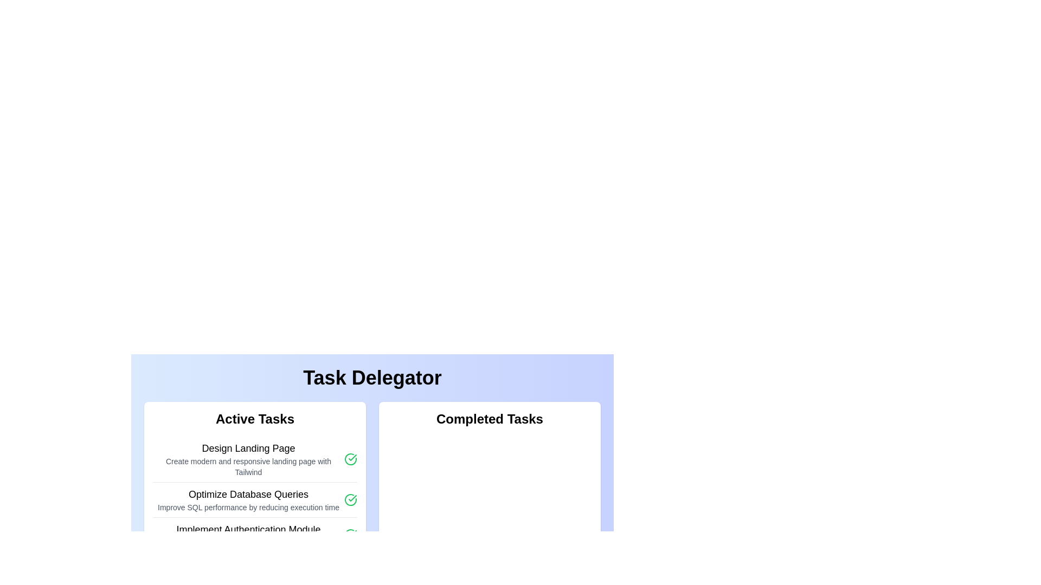  Describe the element at coordinates (351, 534) in the screenshot. I see `the icon button at the rightmost end of the 'Implement Authentication Module' task` at that location.